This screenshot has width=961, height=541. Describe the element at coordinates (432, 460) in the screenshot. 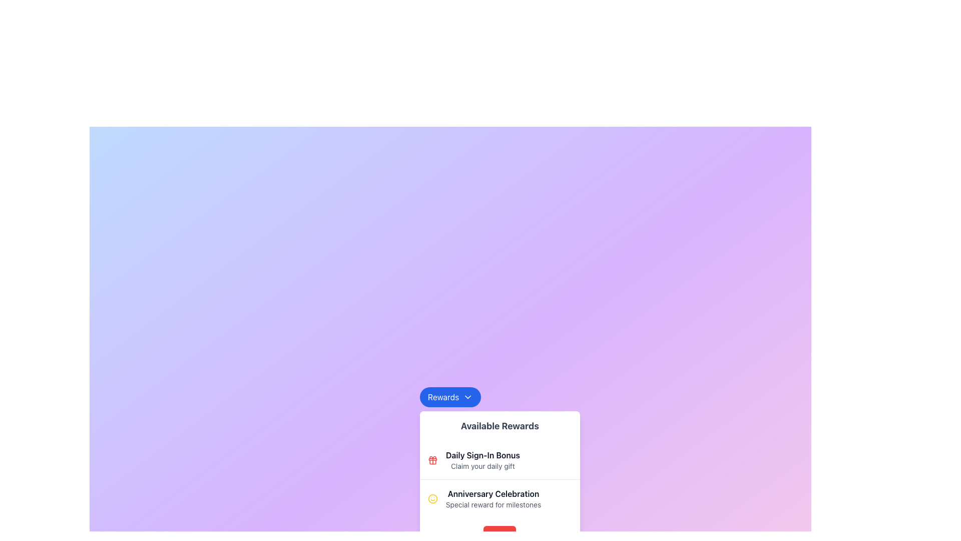

I see `the Daily Sign-In Bonus icon located at the top left corner of the list item in the Available Rewards popup` at that location.